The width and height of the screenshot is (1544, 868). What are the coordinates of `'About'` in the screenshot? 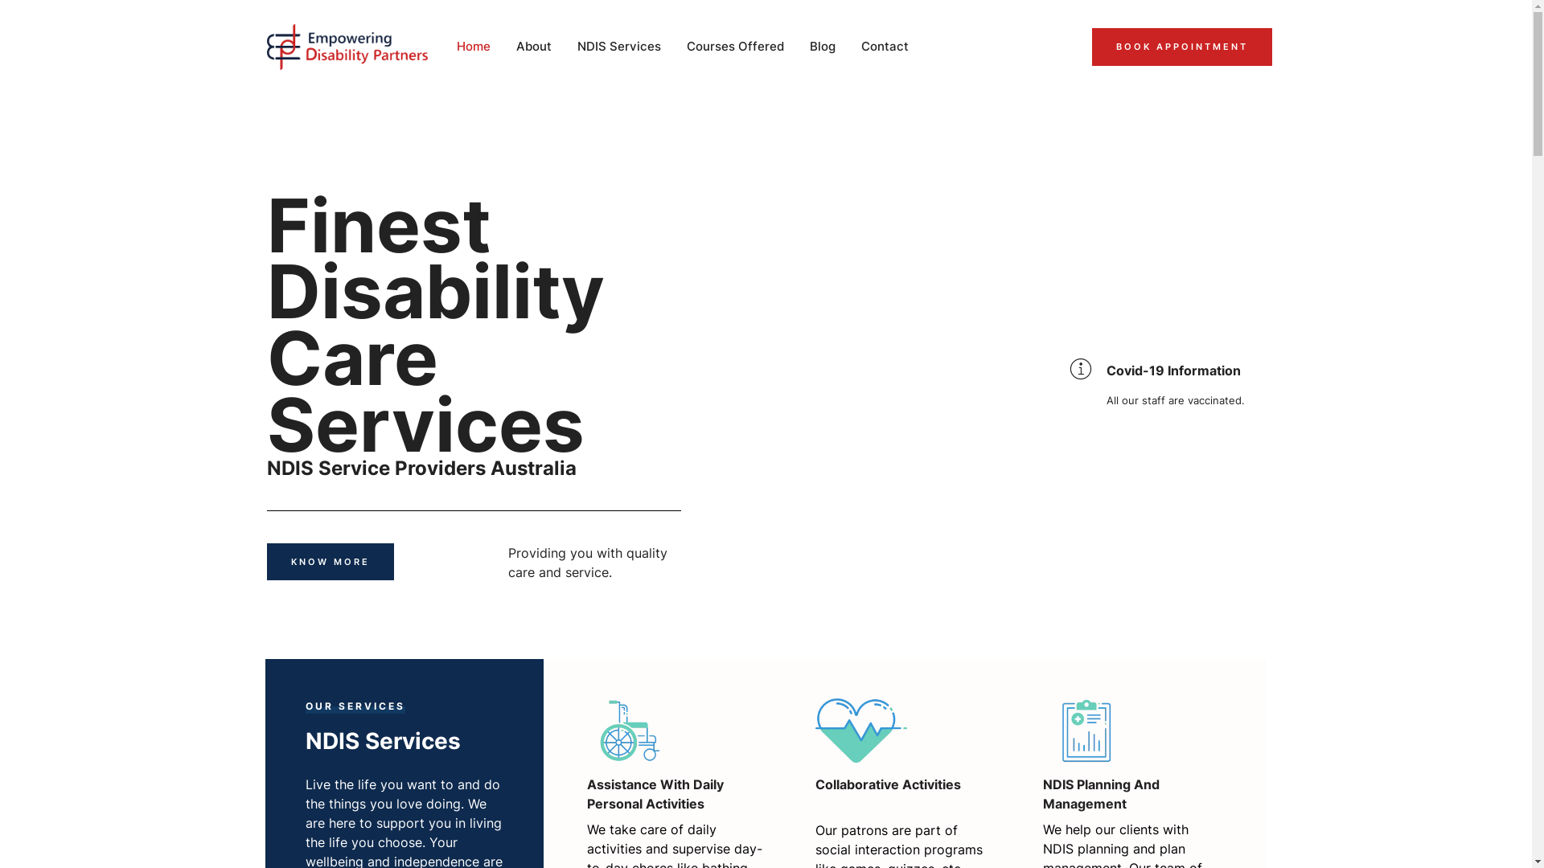 It's located at (536, 46).